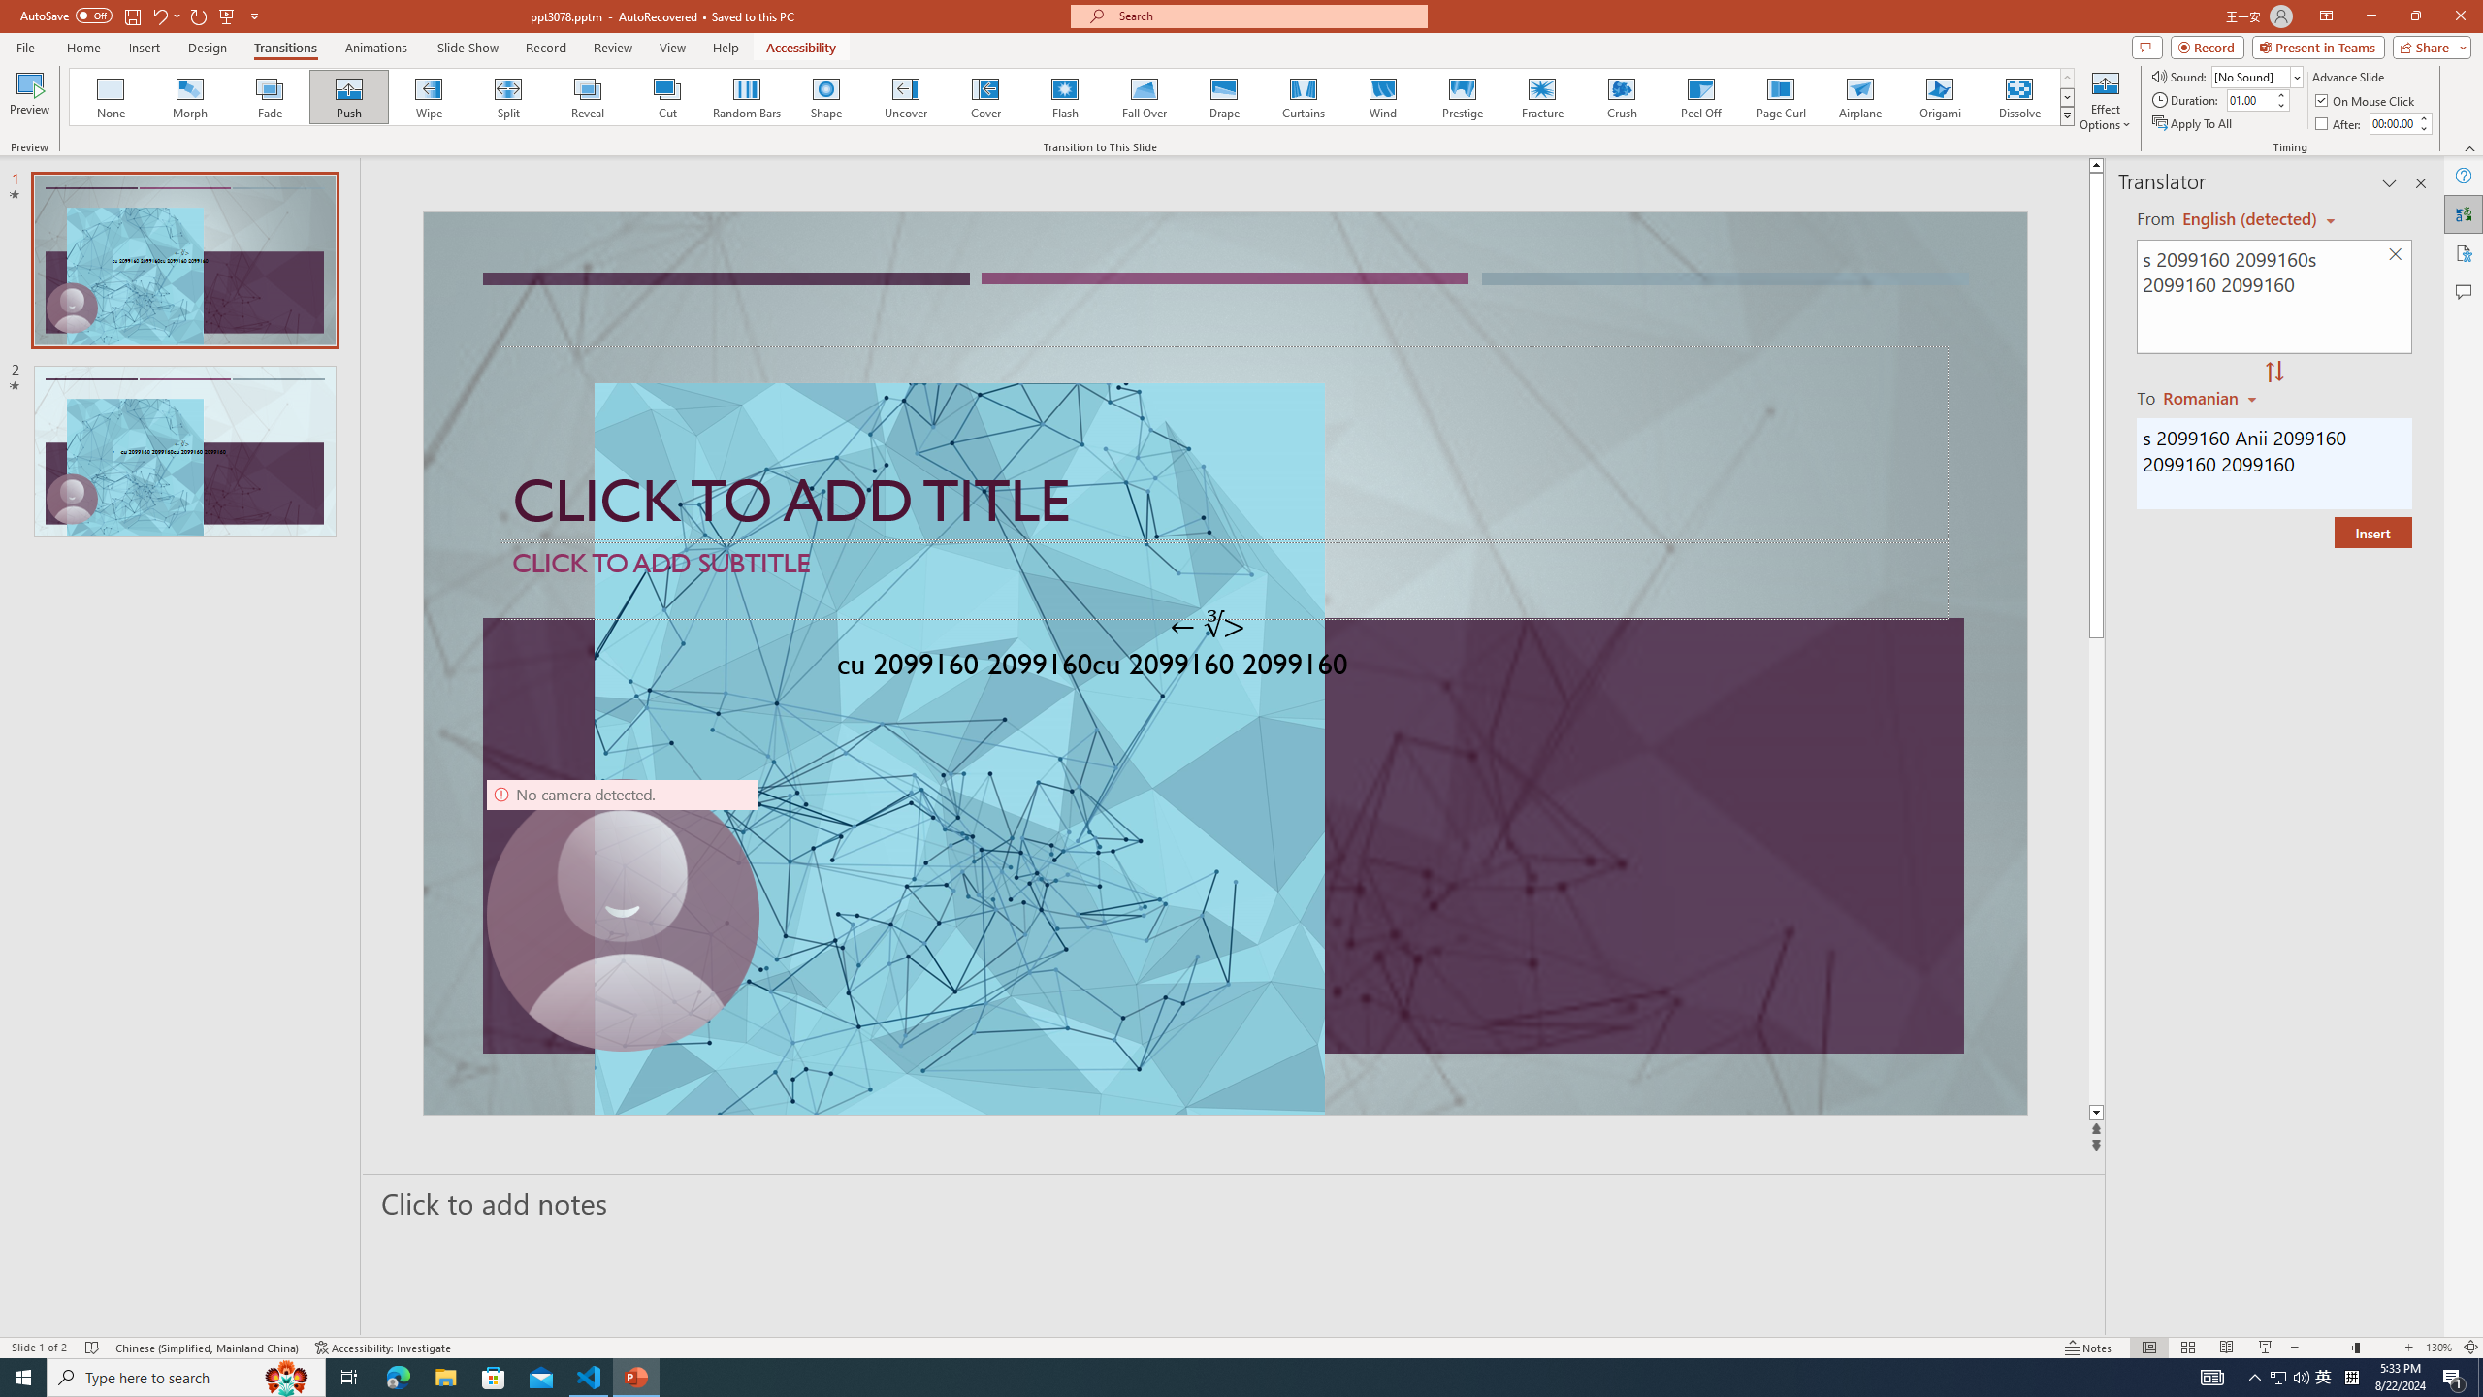 This screenshot has width=2483, height=1397. Describe the element at coordinates (747, 96) in the screenshot. I see `'Random Bars'` at that location.